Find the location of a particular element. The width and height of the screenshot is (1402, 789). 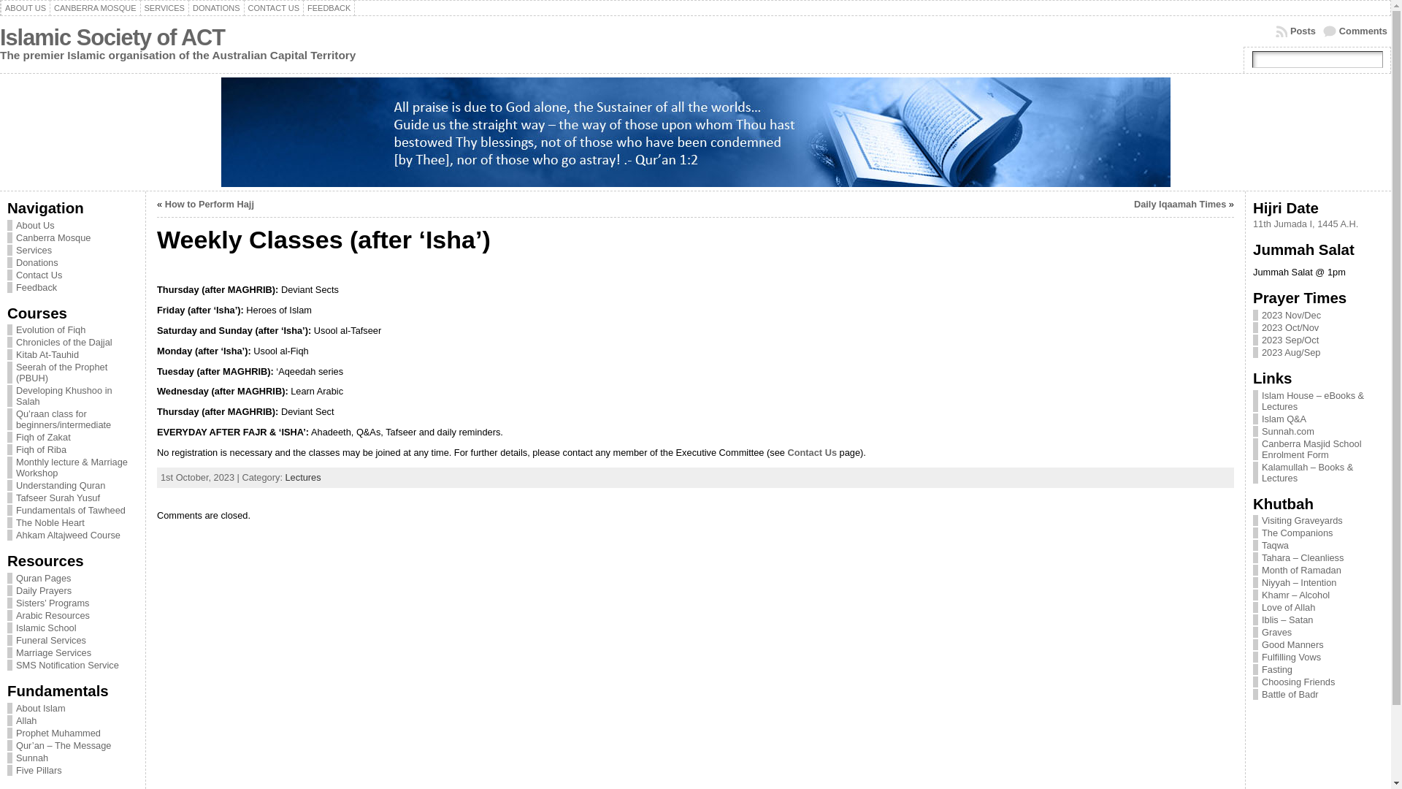

'Evolution of Fiqh' is located at coordinates (72, 329).